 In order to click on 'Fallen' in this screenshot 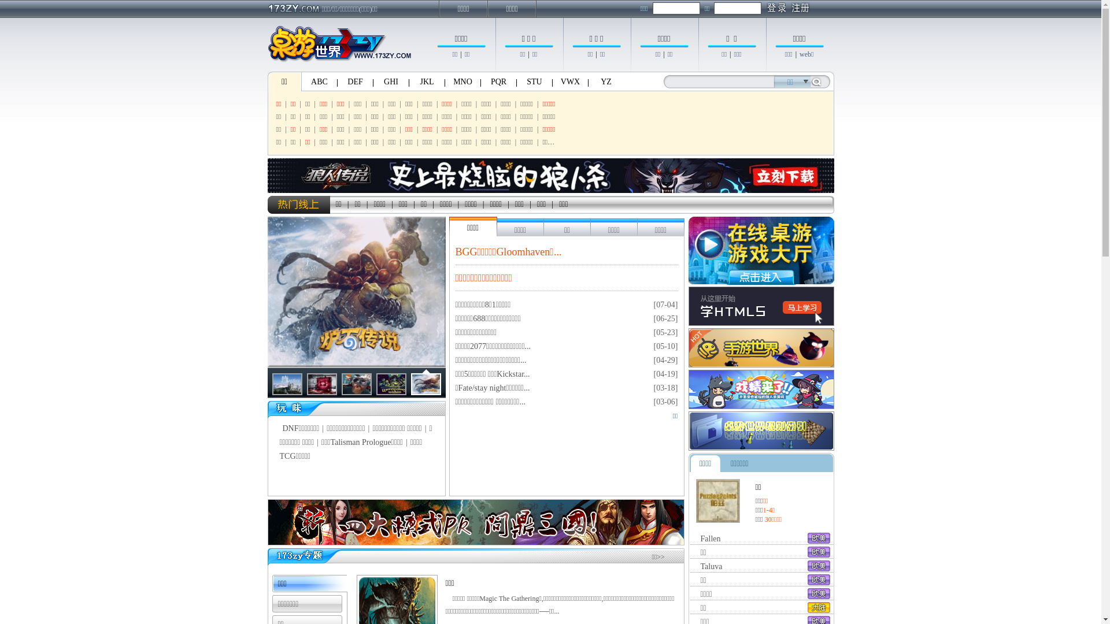, I will do `click(710, 538)`.